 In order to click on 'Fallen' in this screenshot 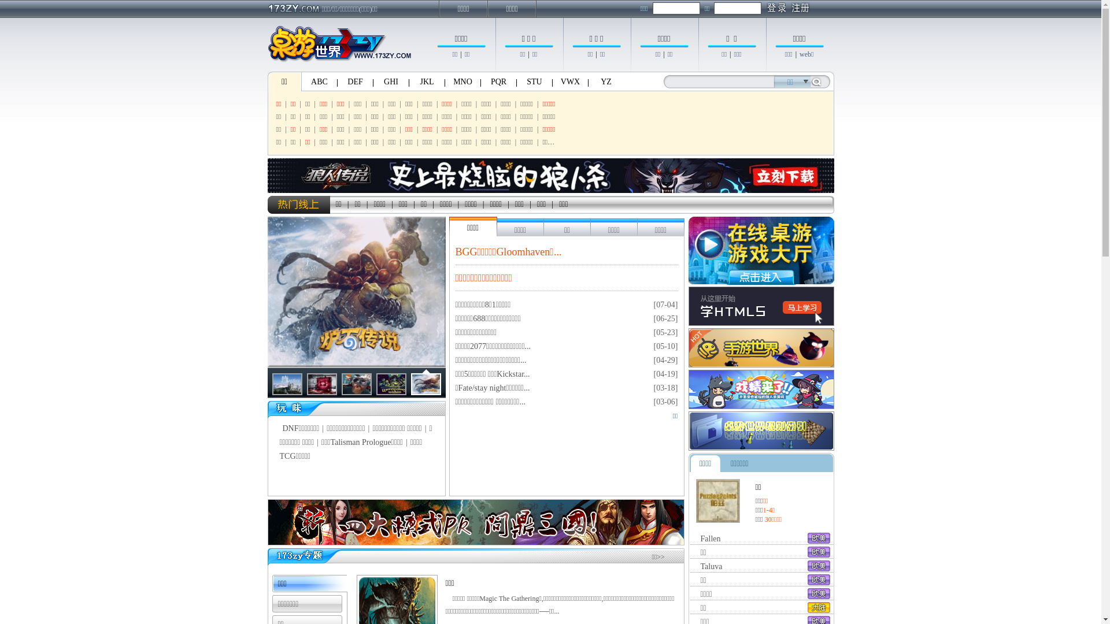, I will do `click(710, 538)`.